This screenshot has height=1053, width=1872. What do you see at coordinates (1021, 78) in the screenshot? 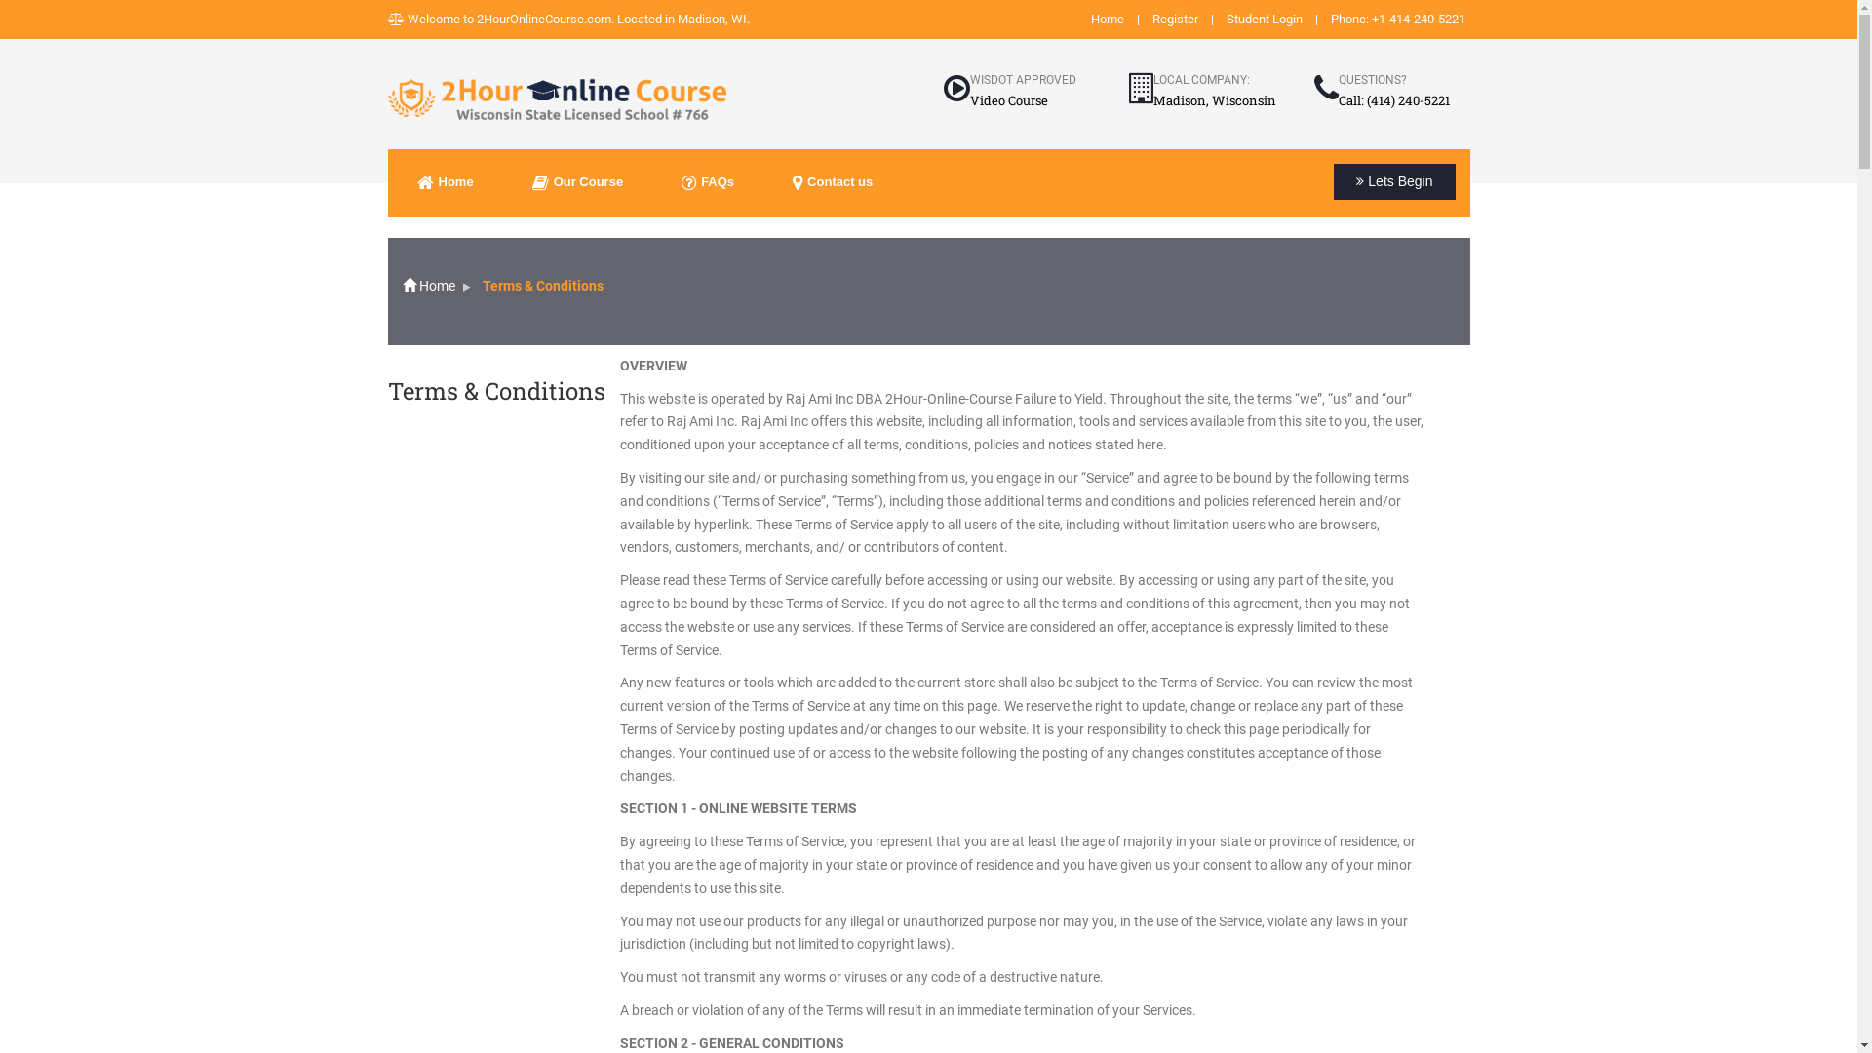
I see `'WISDOT APPROVED'` at bounding box center [1021, 78].